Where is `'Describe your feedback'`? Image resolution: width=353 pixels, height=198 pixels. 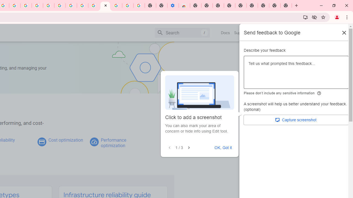
'Describe your feedback' is located at coordinates (296, 75).